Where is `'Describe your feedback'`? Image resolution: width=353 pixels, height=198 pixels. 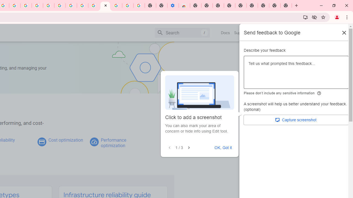
'Describe your feedback' is located at coordinates (296, 75).